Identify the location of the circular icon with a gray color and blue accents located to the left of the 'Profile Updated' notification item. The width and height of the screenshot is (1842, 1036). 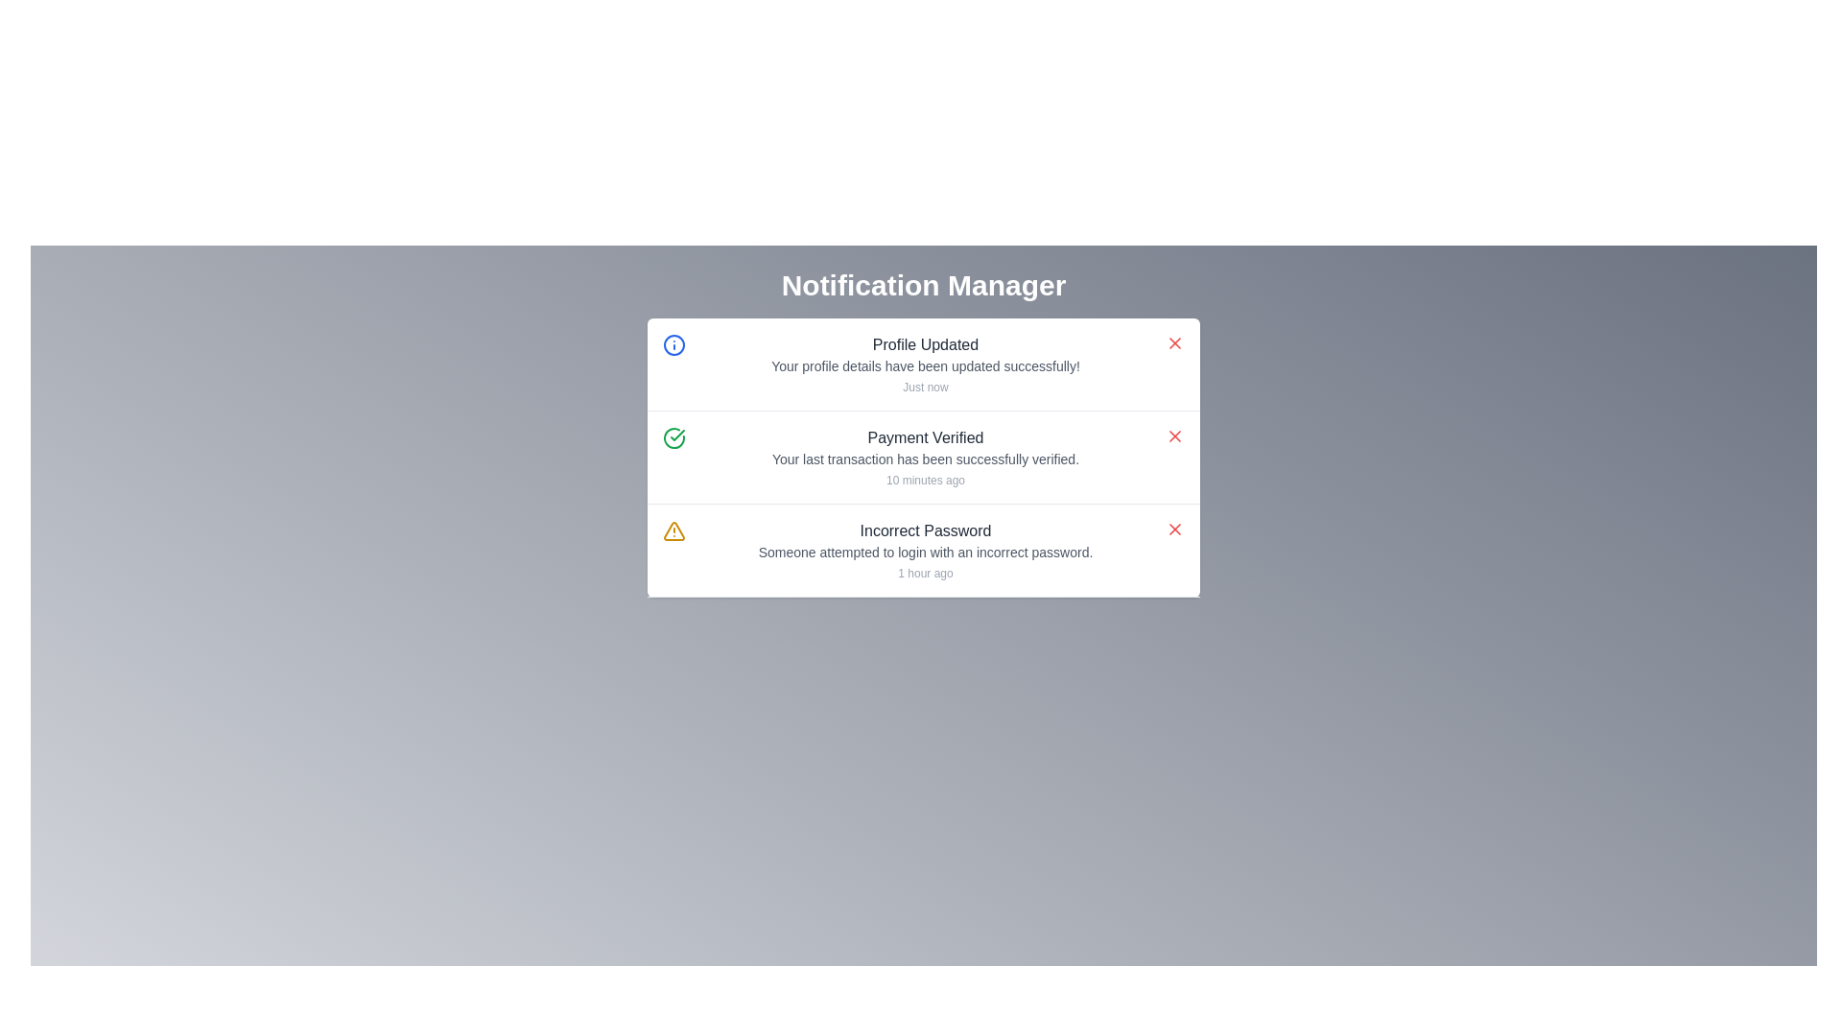
(673, 343).